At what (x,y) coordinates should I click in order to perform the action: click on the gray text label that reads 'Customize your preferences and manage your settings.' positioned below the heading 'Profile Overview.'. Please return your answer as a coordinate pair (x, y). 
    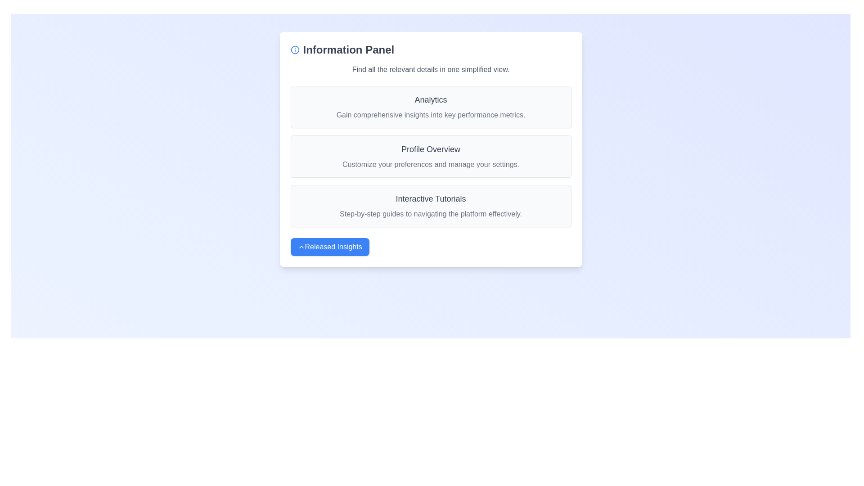
    Looking at the image, I should click on (430, 165).